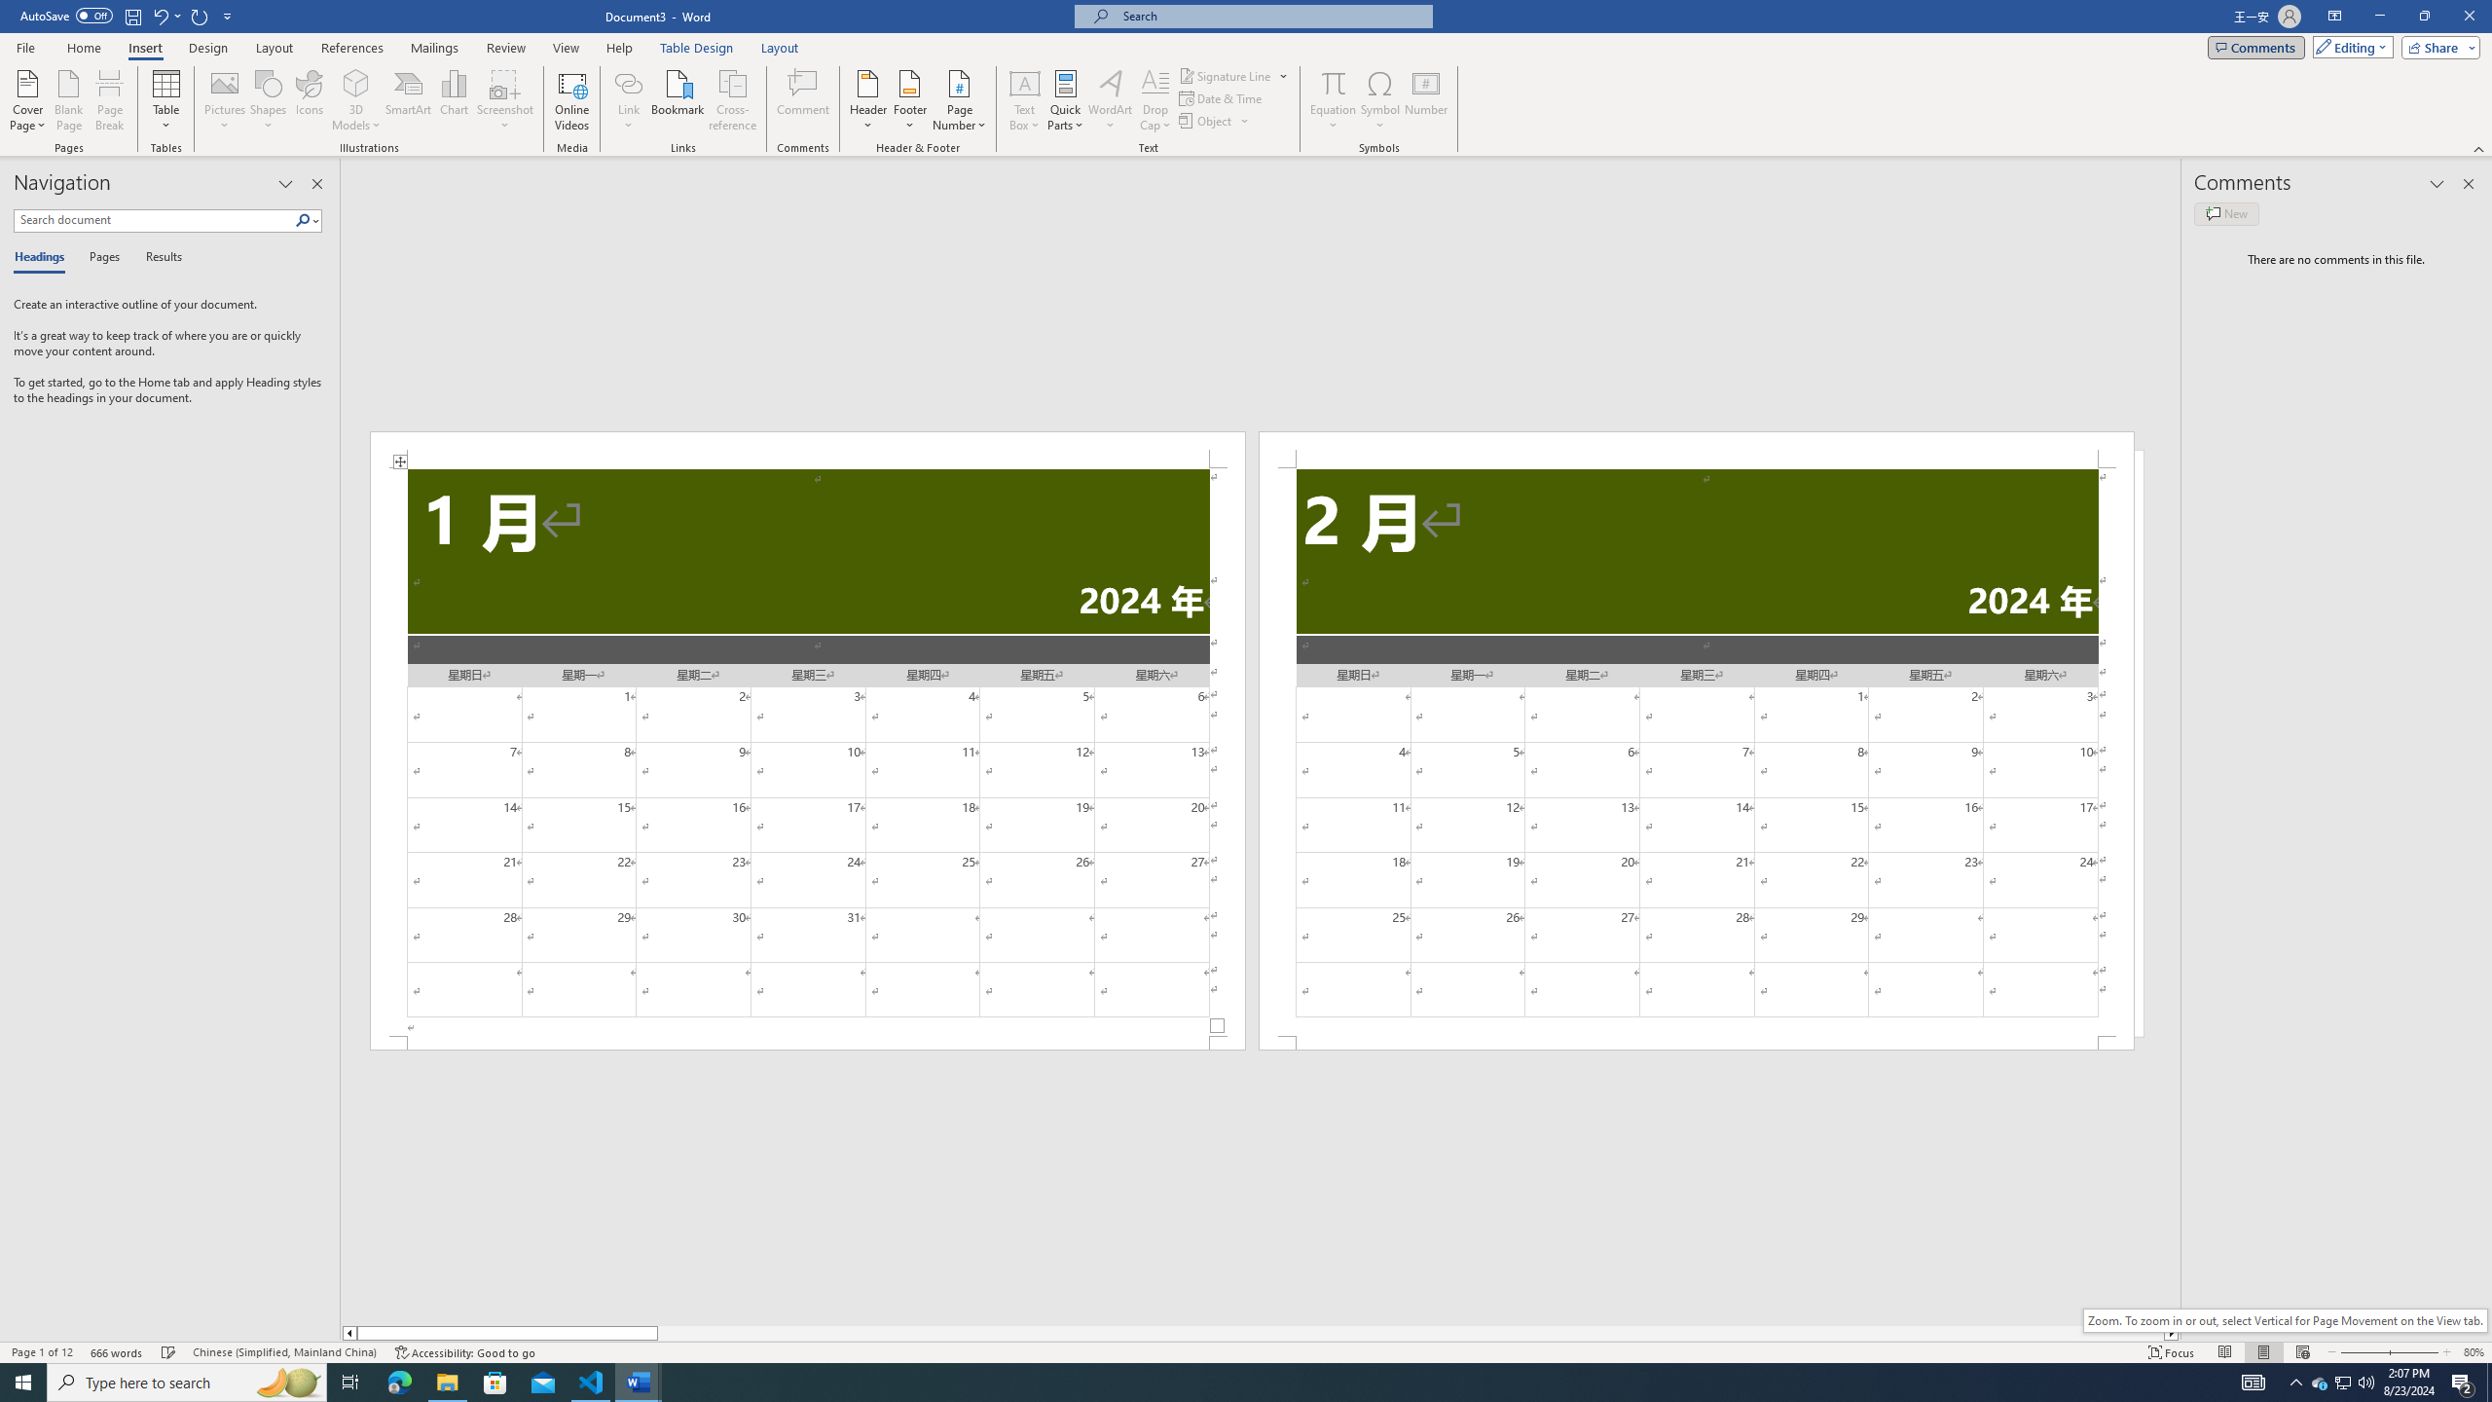 This screenshot has height=1402, width=2492. What do you see at coordinates (806, 1043) in the screenshot?
I see `'Footer -Section 1-'` at bounding box center [806, 1043].